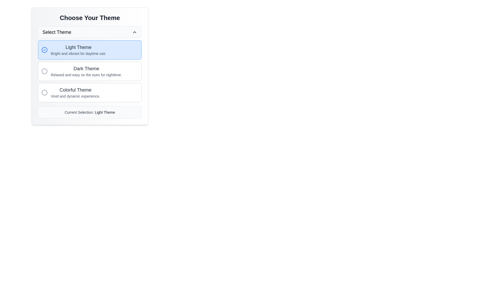  I want to click on the inner filled circle icon of the circular graphical component with a gray border, located to the left of the 'Colorful Theme' selection option in the theme selection interface, so click(45, 92).